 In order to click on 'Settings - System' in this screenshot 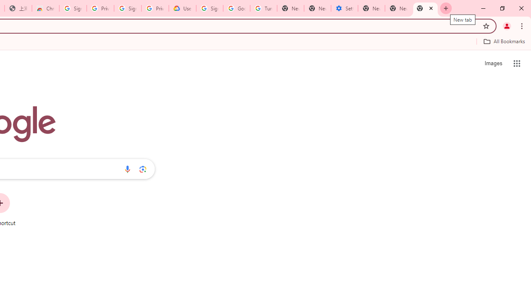, I will do `click(344, 8)`.